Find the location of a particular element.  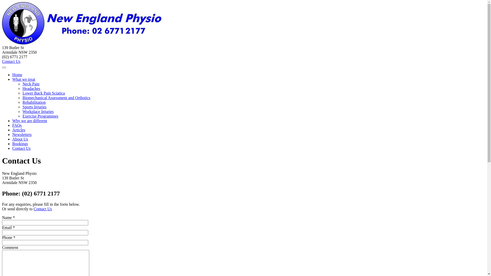

'Workplace Injuries' is located at coordinates (22, 111).